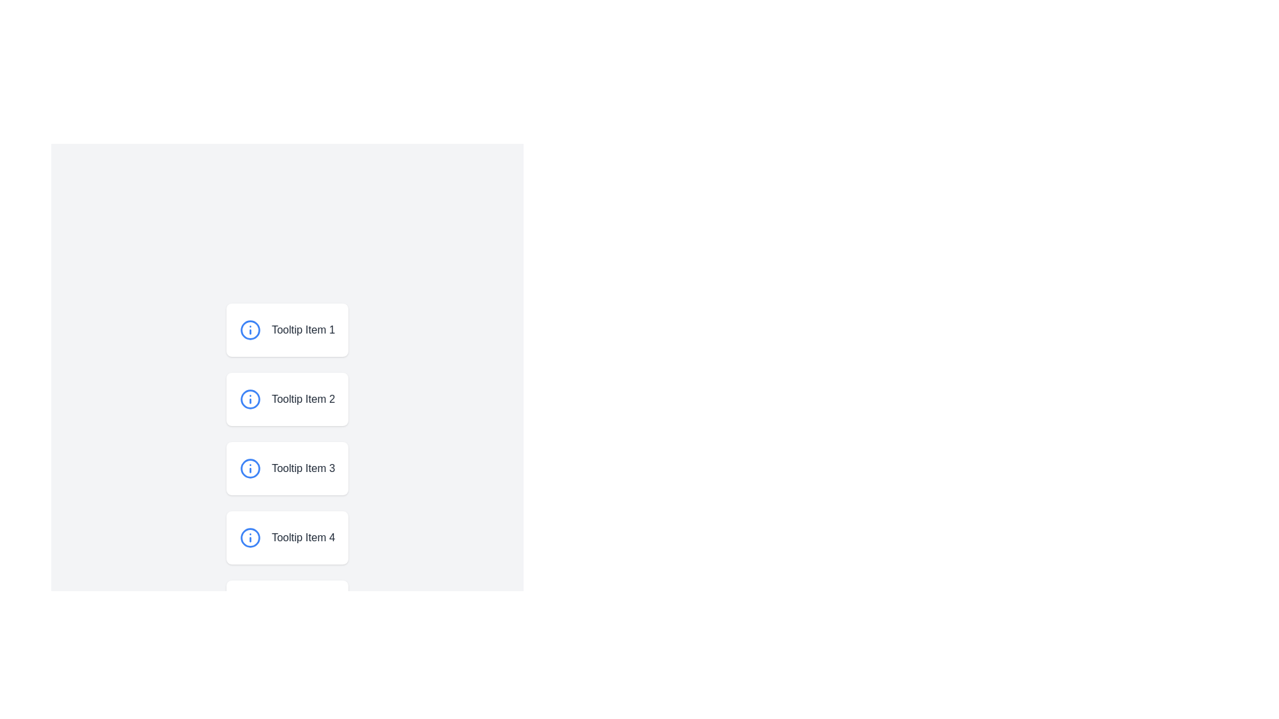 This screenshot has width=1279, height=719. What do you see at coordinates (297, 330) in the screenshot?
I see `text label that serves as a title or identifier for the tooltip item, which is the first item in a vertical list aligned to the right of a blue 'info' icon` at bounding box center [297, 330].